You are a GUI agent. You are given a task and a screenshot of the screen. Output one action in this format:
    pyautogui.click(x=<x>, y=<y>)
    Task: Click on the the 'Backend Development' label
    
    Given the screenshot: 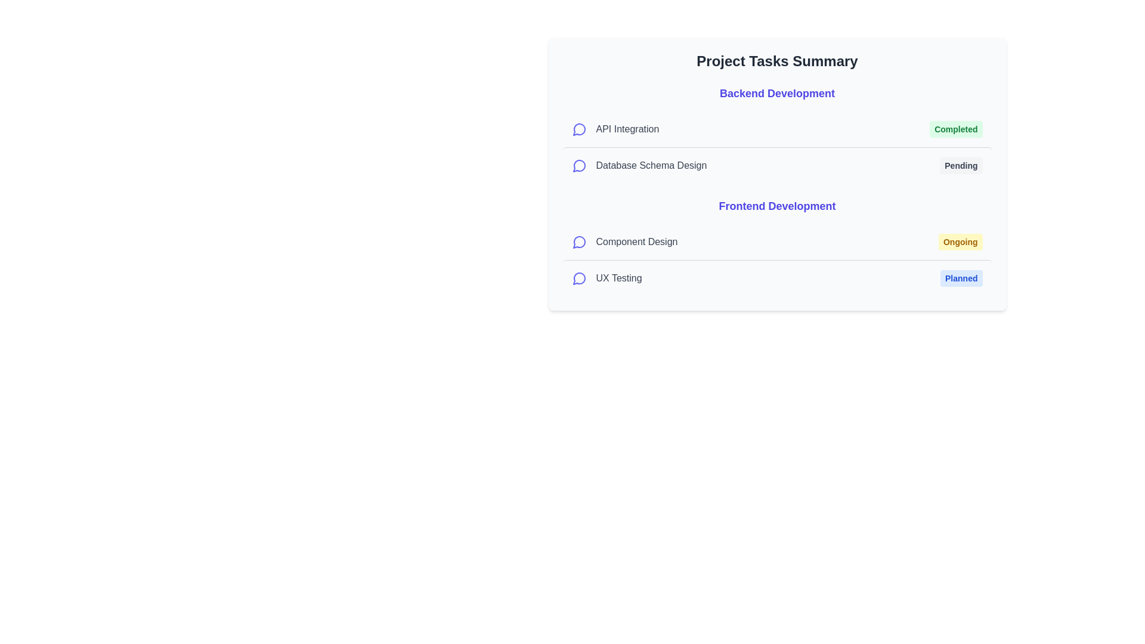 What is the action you would take?
    pyautogui.click(x=777, y=93)
    